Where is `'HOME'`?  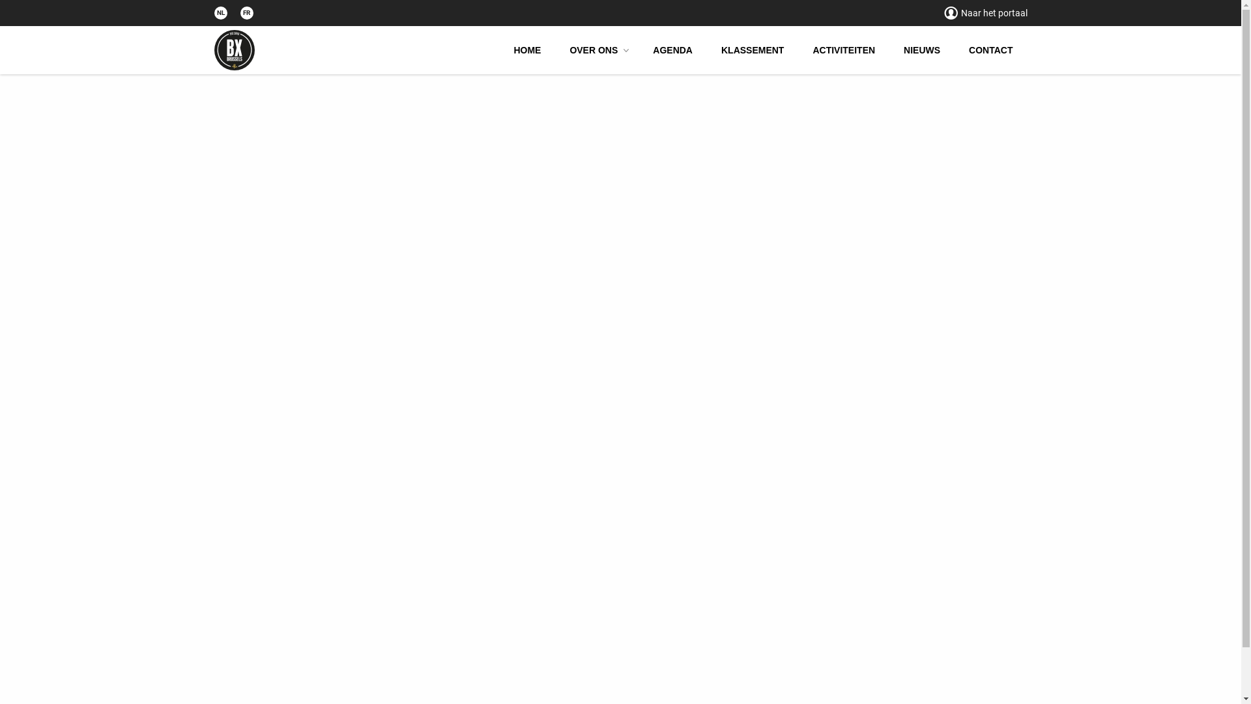 'HOME' is located at coordinates (527, 50).